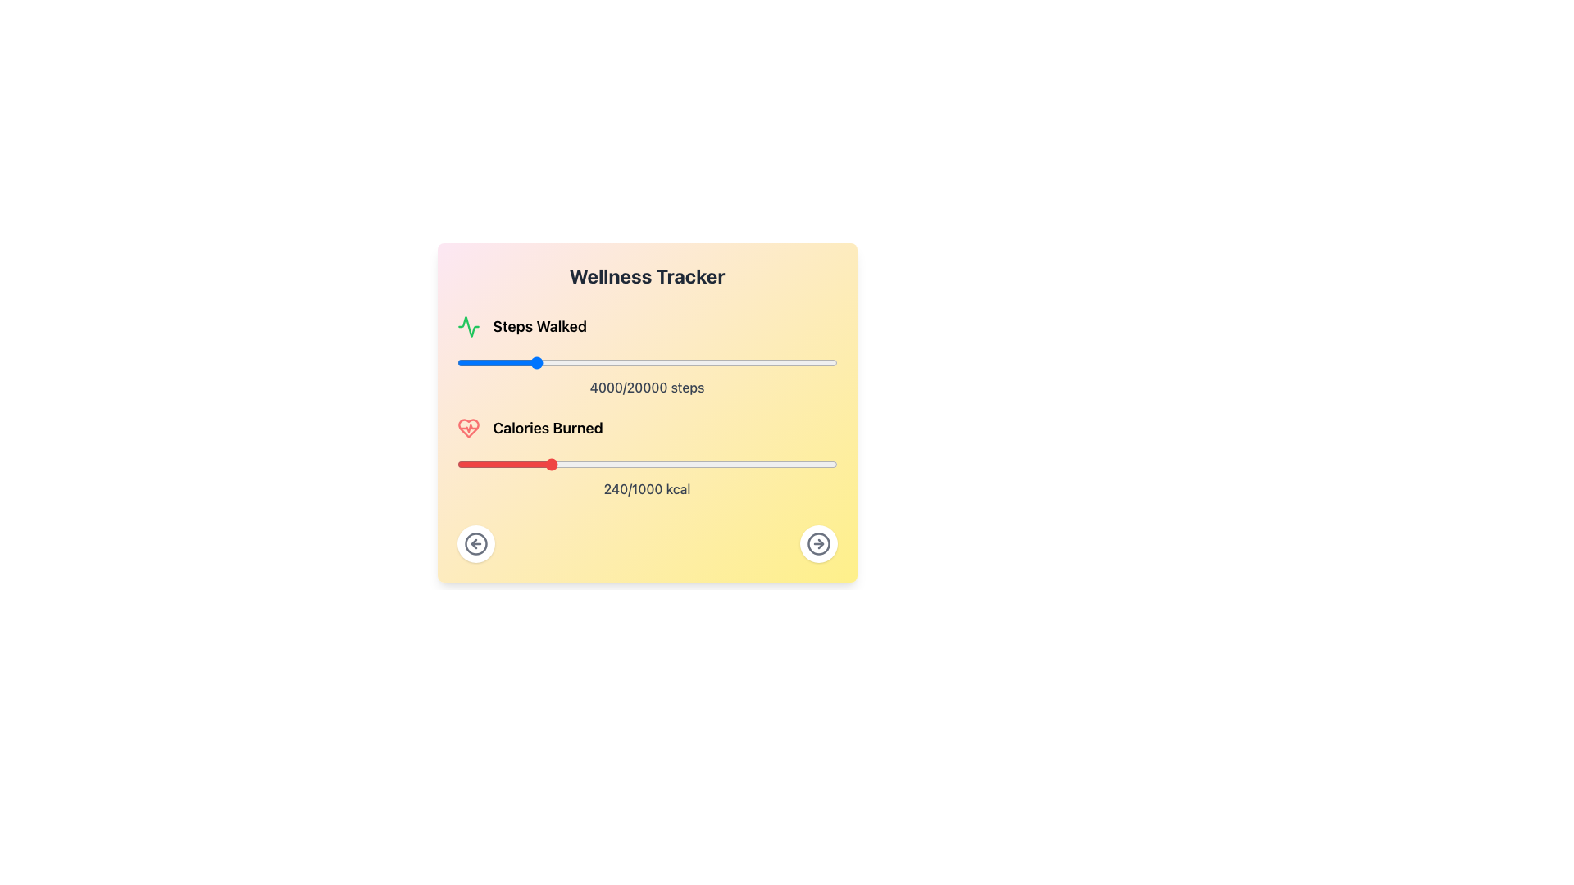  What do you see at coordinates (475, 543) in the screenshot?
I see `the navigational button located in the bottom-left corner of the 'Wellness Tracker' section` at bounding box center [475, 543].